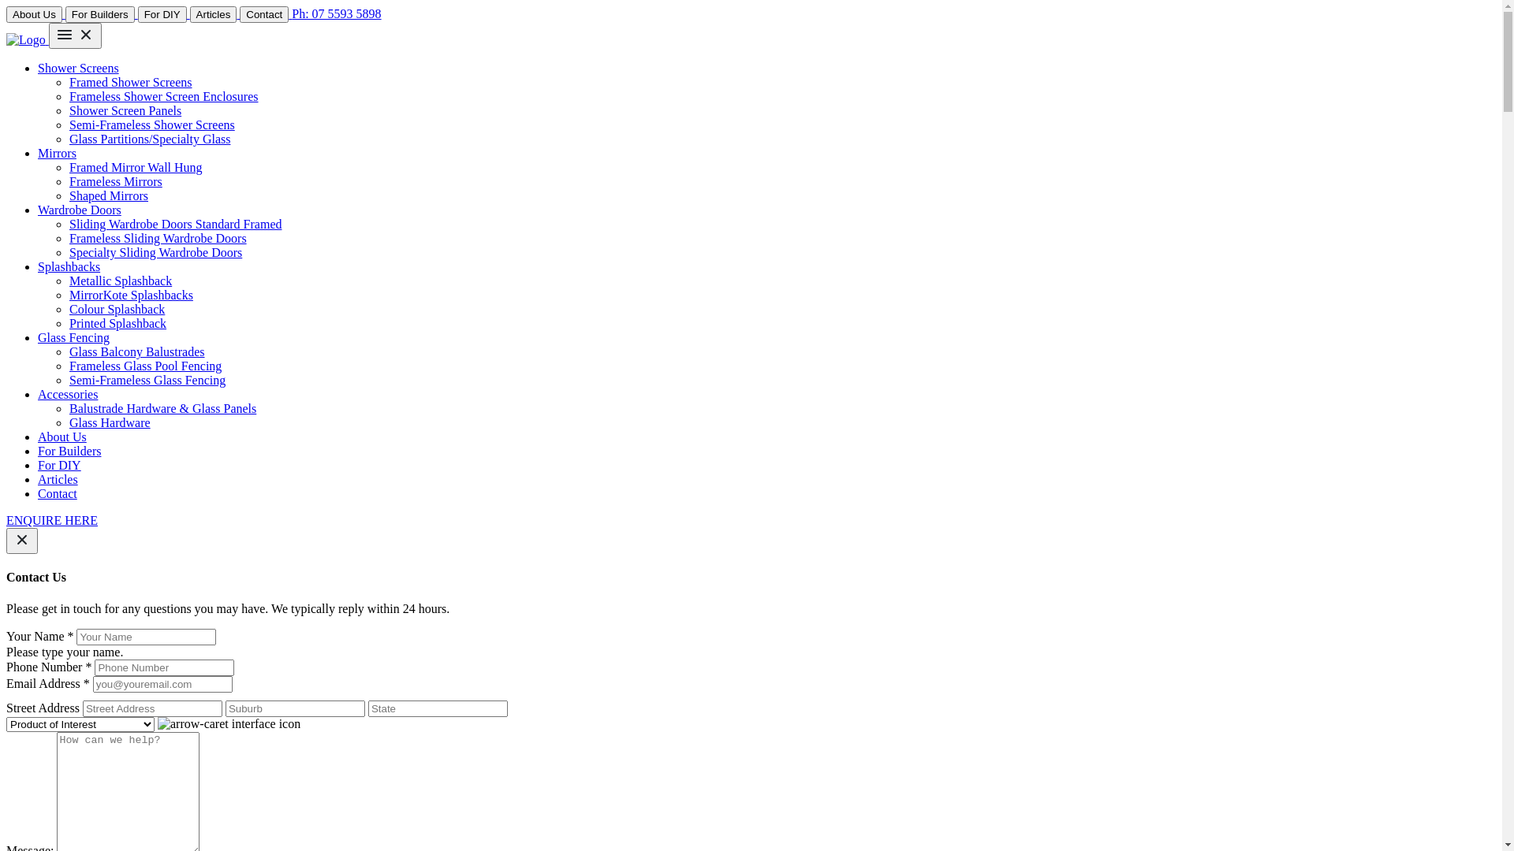 The image size is (1514, 851). Describe the element at coordinates (163, 13) in the screenshot. I see `'For DIY'` at that location.